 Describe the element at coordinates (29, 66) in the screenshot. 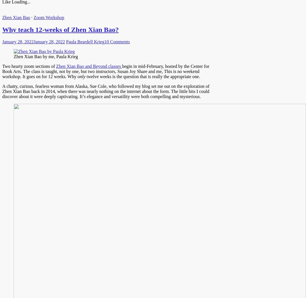

I see `'Two hearty zoom sections of'` at that location.